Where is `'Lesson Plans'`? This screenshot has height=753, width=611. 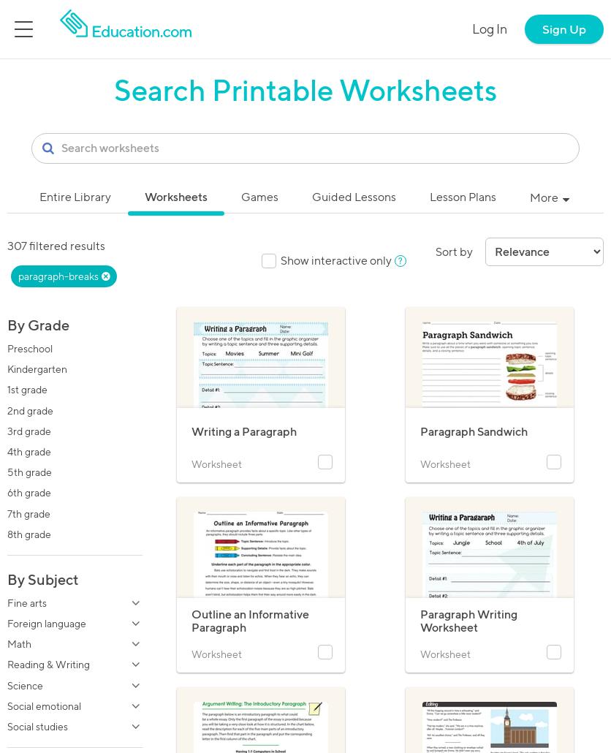
'Lesson Plans' is located at coordinates (463, 196).